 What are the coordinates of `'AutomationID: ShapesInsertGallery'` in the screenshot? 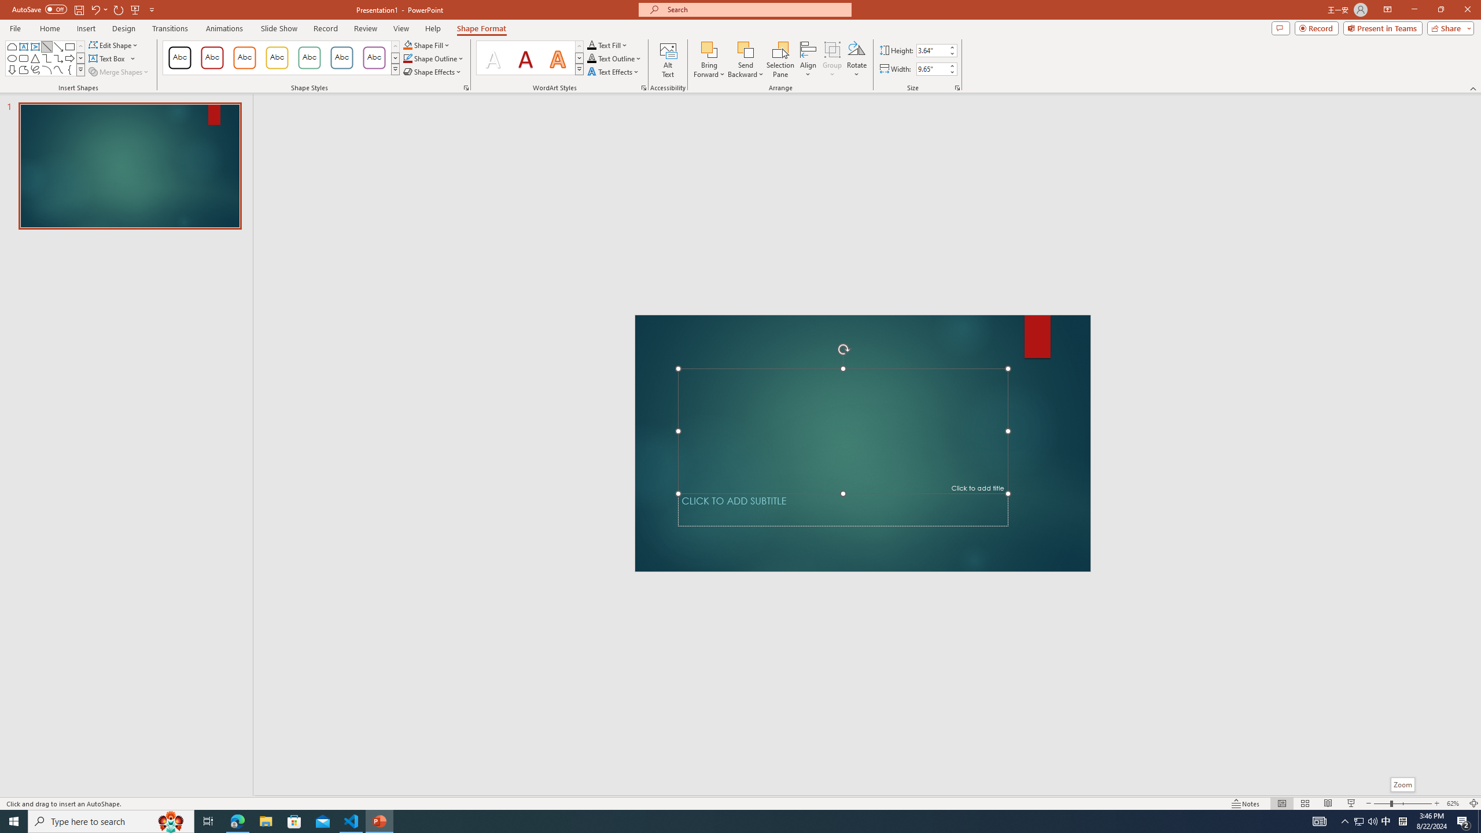 It's located at (45, 58).